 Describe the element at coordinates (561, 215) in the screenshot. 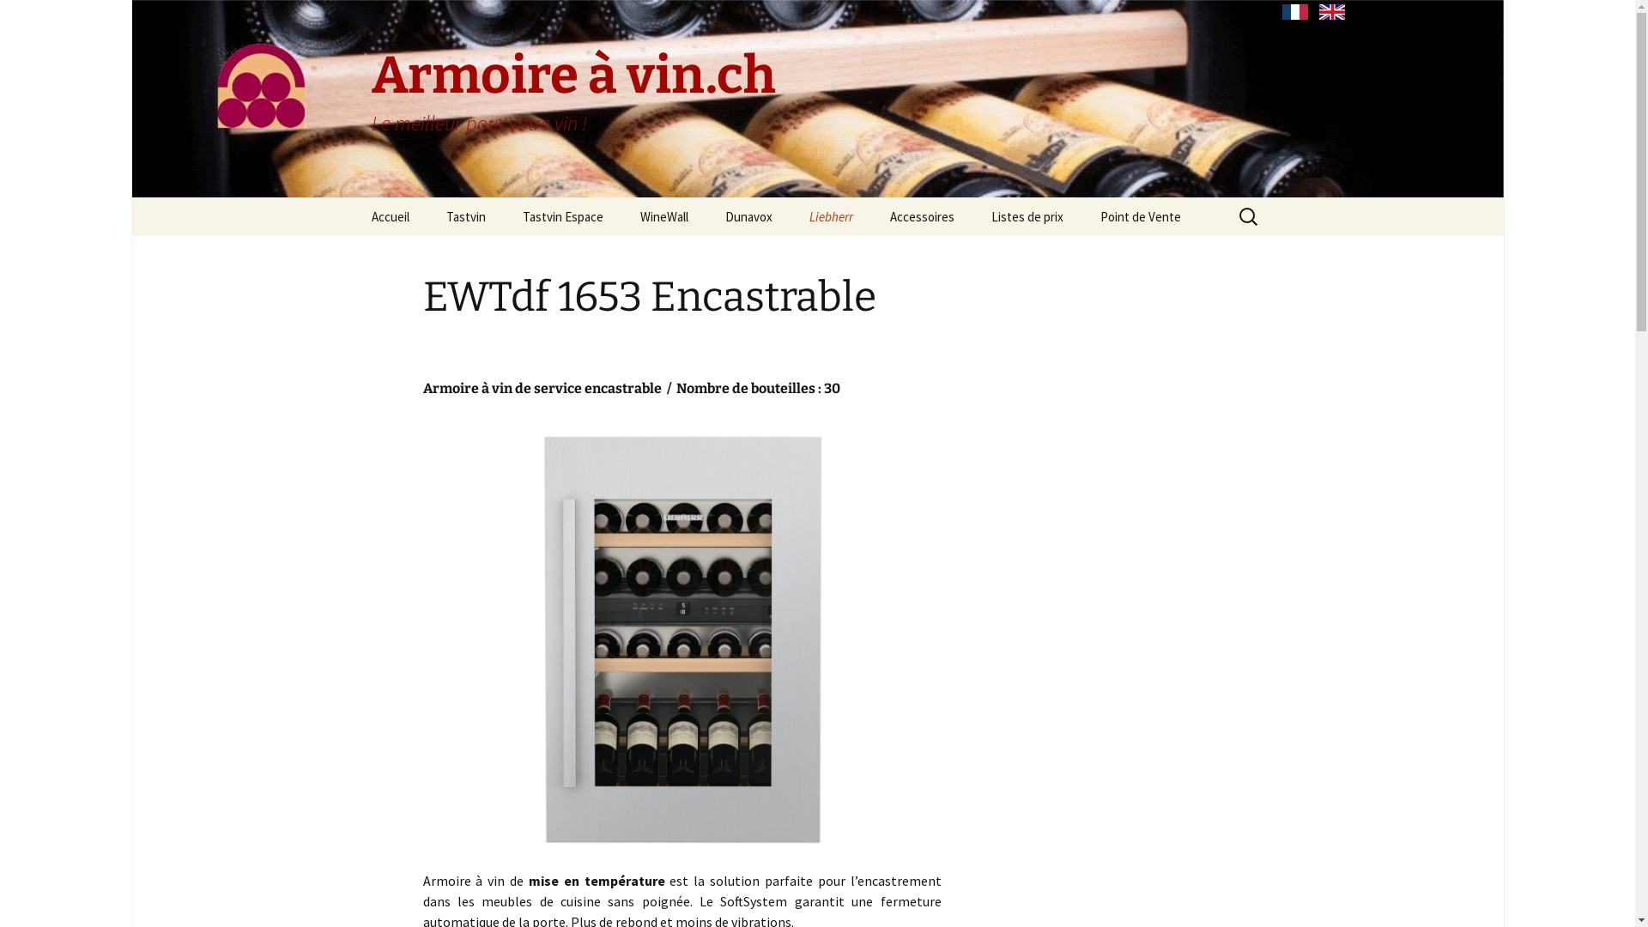

I see `'Tastvin Espace'` at that location.